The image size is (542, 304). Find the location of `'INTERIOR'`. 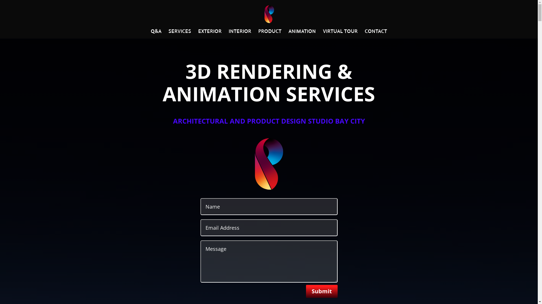

'INTERIOR' is located at coordinates (240, 34).